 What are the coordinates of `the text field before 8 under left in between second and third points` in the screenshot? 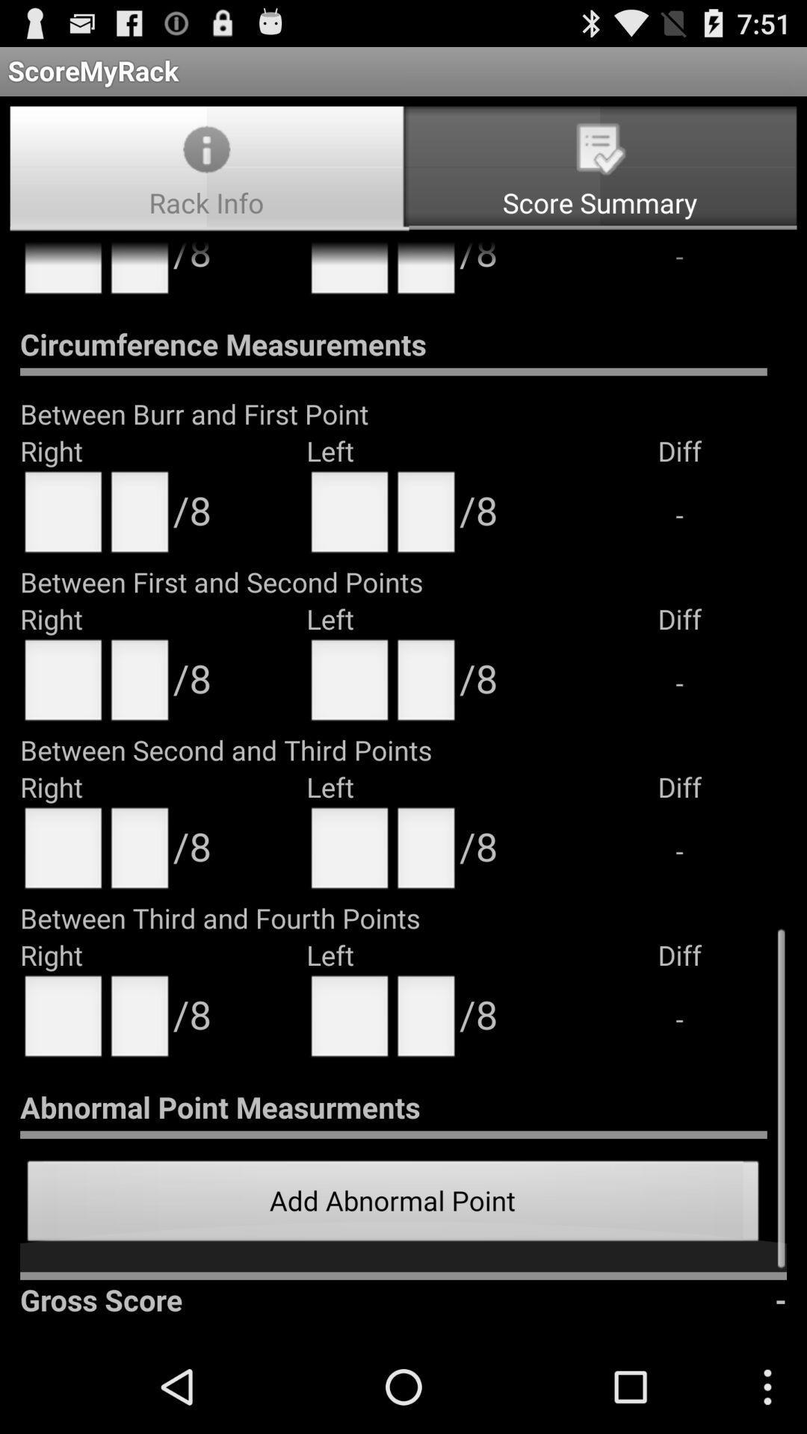 It's located at (426, 853).